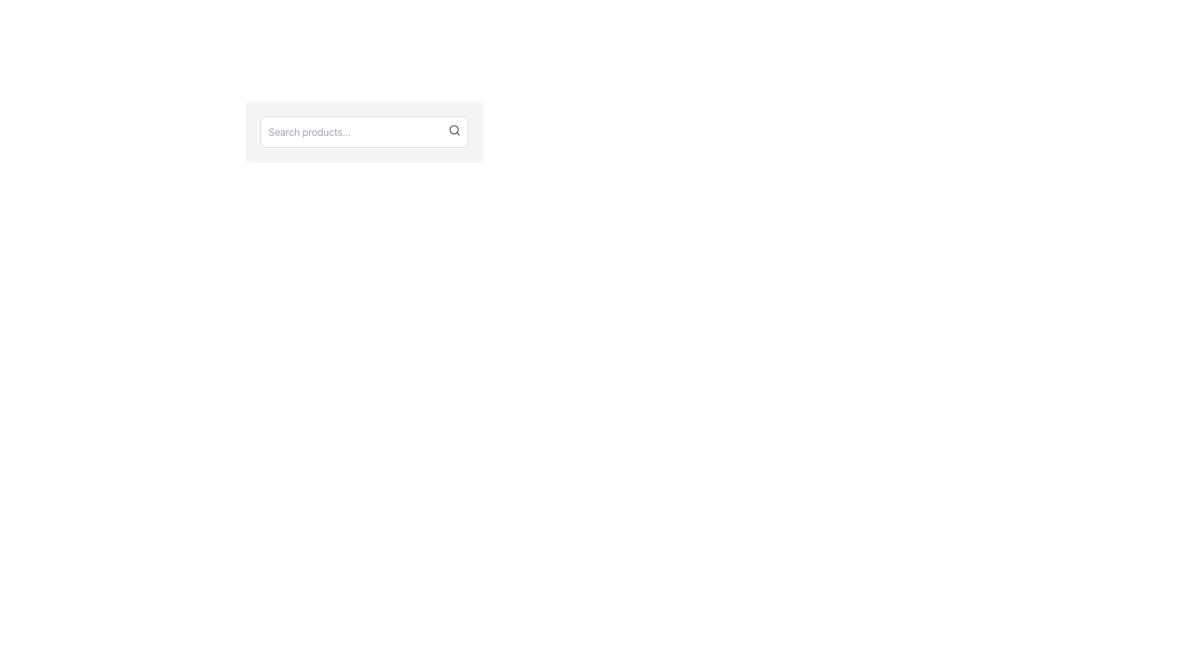 This screenshot has width=1186, height=667. What do you see at coordinates (453, 130) in the screenshot?
I see `the magnifying glass icon, which acts as the search button within the search input field, for additional visual feedback` at bounding box center [453, 130].